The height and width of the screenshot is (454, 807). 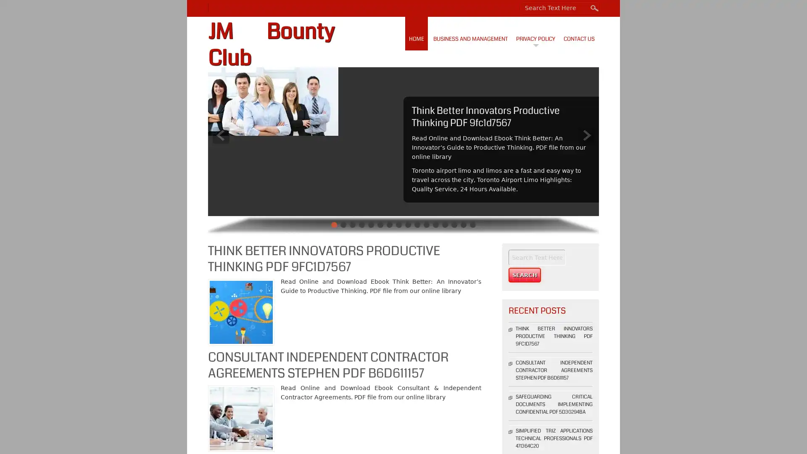 I want to click on Search, so click(x=524, y=275).